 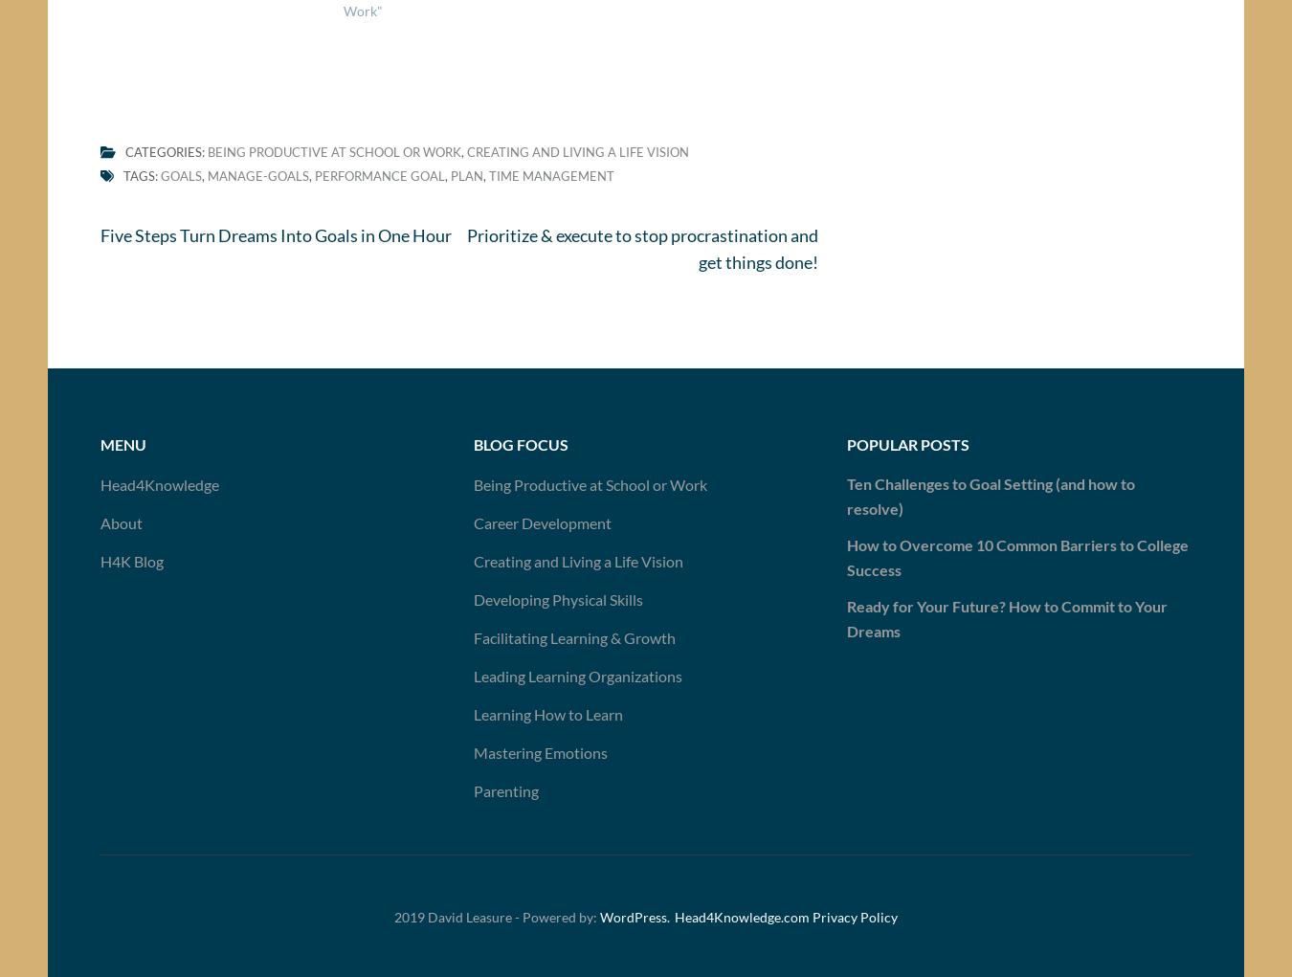 What do you see at coordinates (159, 491) in the screenshot?
I see `'Head4Knowledge'` at bounding box center [159, 491].